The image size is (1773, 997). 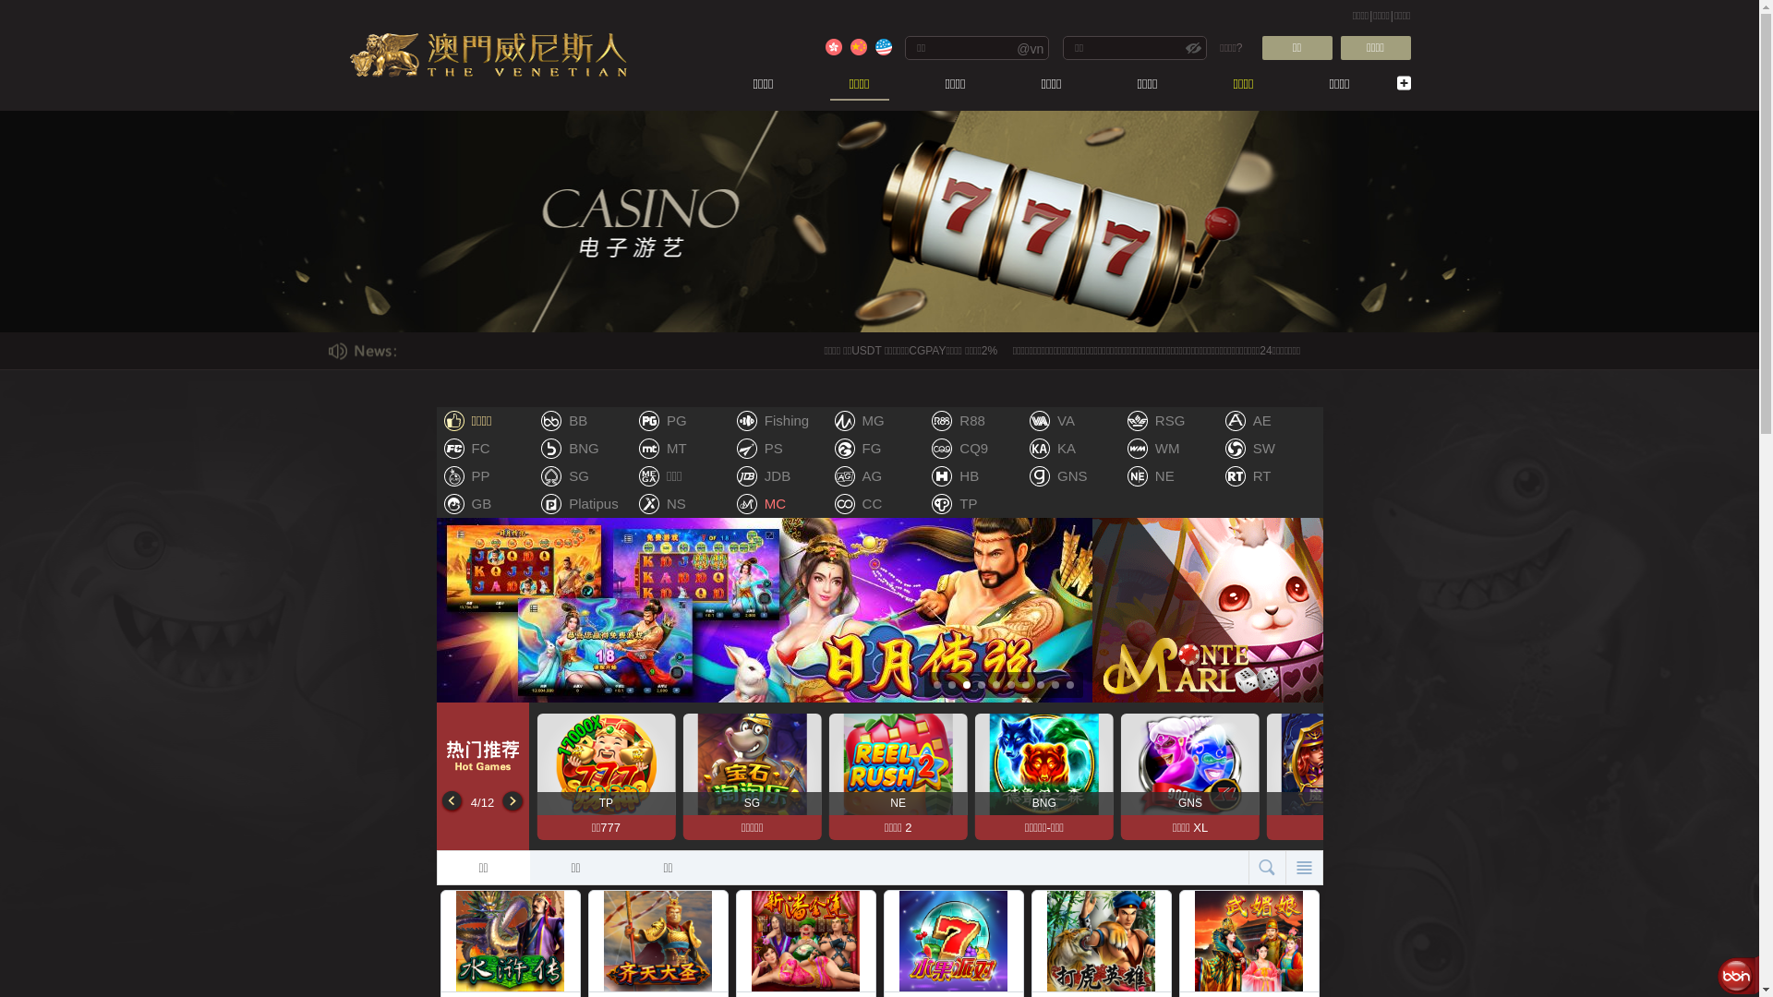 What do you see at coordinates (872, 45) in the screenshot?
I see `'English'` at bounding box center [872, 45].